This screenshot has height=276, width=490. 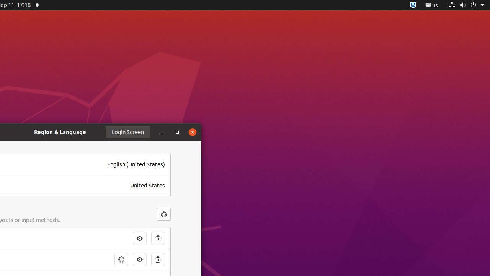 I want to click on 'Maximize', so click(x=176, y=132).